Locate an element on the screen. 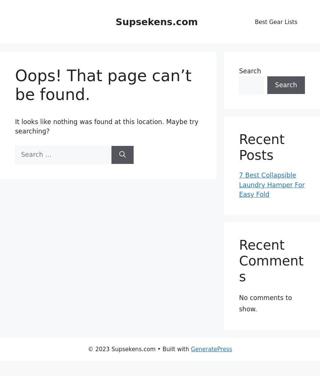 This screenshot has height=376, width=320. 'Recent Posts' is located at coordinates (239, 147).